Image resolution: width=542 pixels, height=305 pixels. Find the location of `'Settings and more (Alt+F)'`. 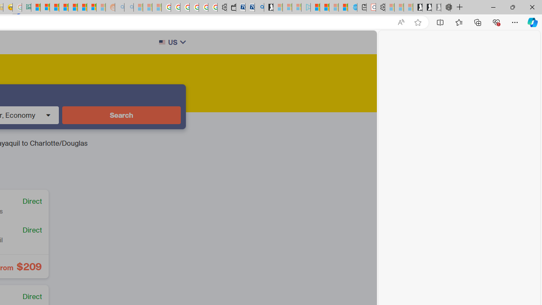

'Settings and more (Alt+F)' is located at coordinates (514, 22).